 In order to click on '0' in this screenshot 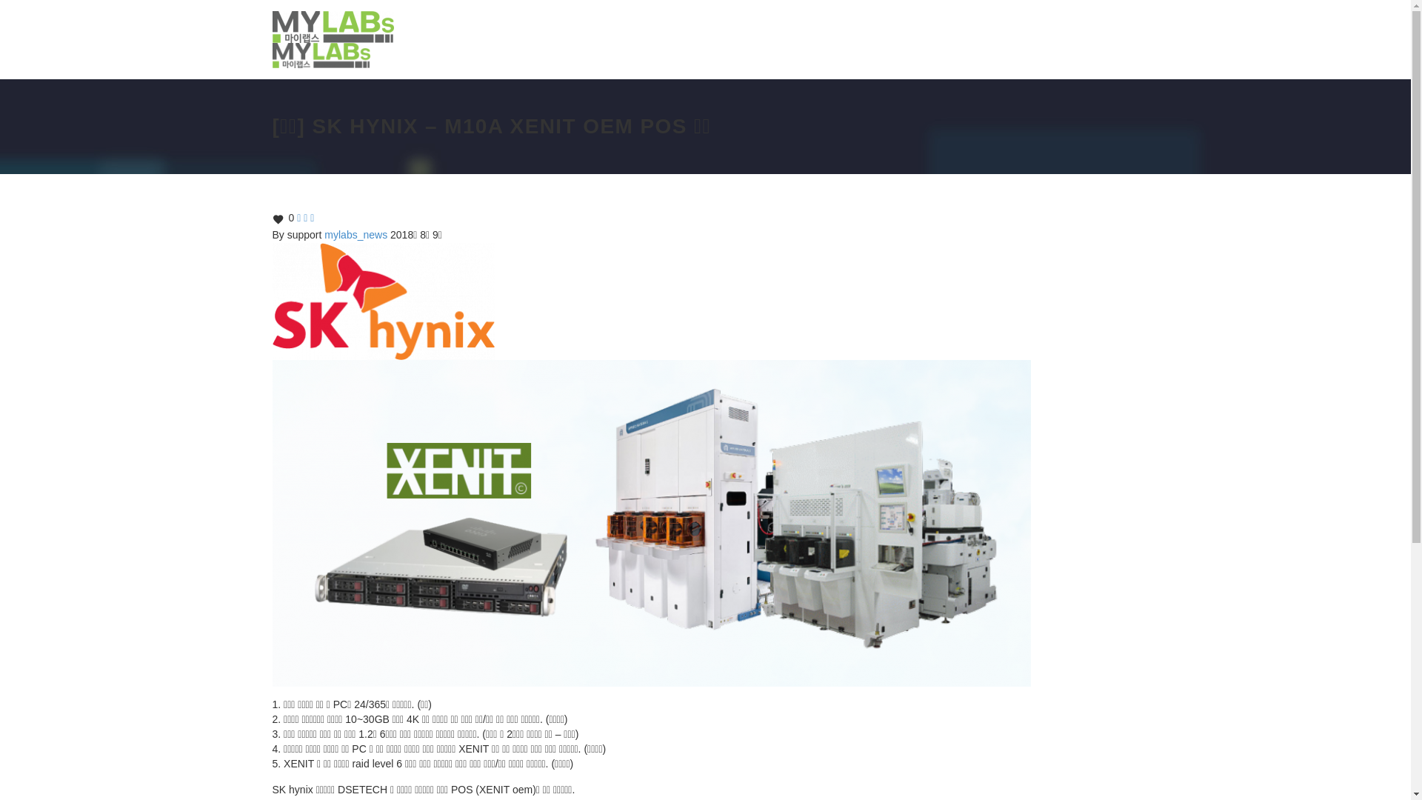, I will do `click(284, 219)`.